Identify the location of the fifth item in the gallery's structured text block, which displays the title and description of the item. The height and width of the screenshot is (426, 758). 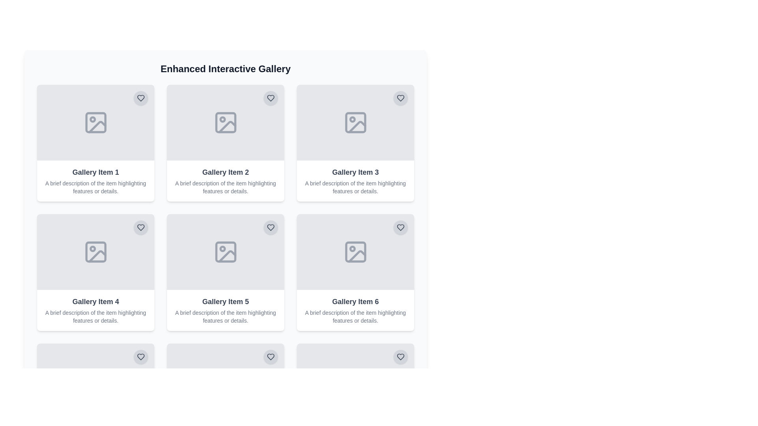
(225, 310).